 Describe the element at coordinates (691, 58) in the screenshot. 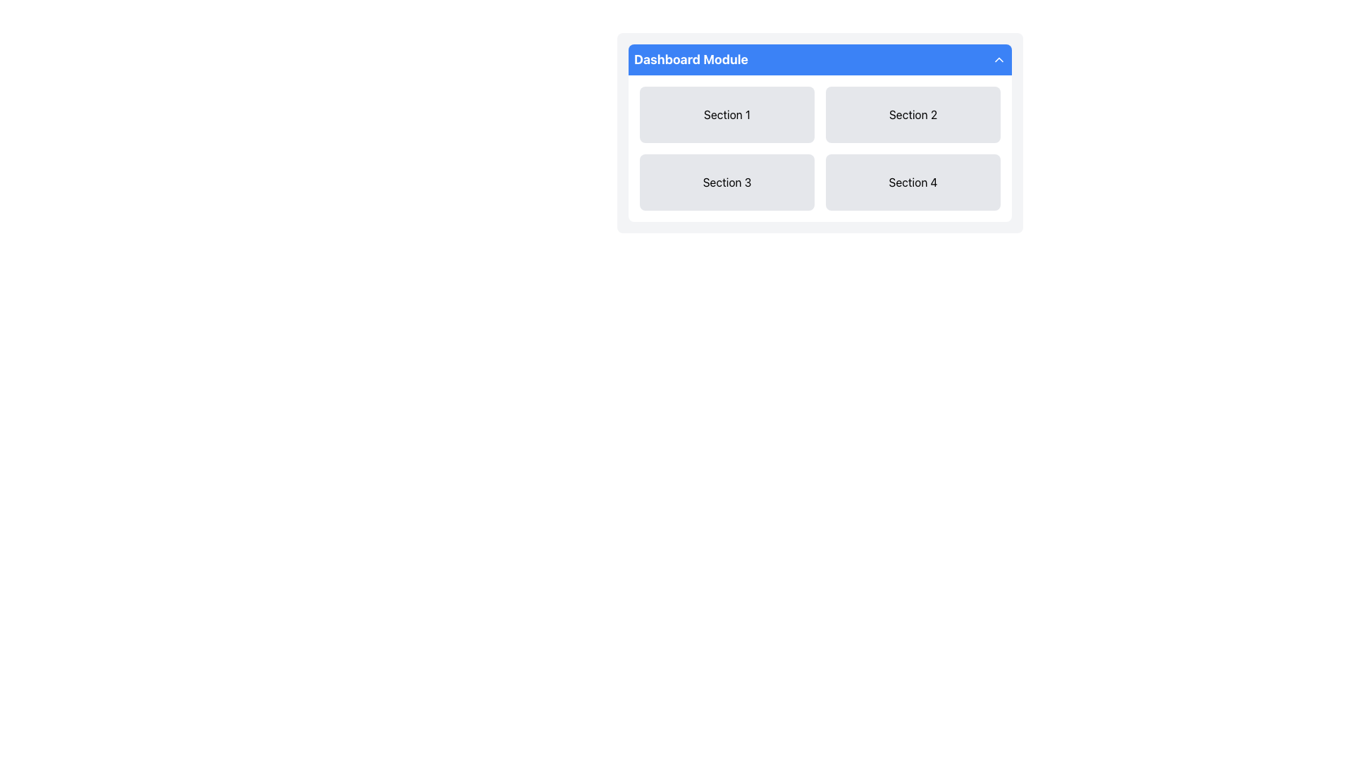

I see `the 'Dashboard Module' text label, which is prominently displayed in bold white font on a blue background, located in the top left of the header bar` at that location.